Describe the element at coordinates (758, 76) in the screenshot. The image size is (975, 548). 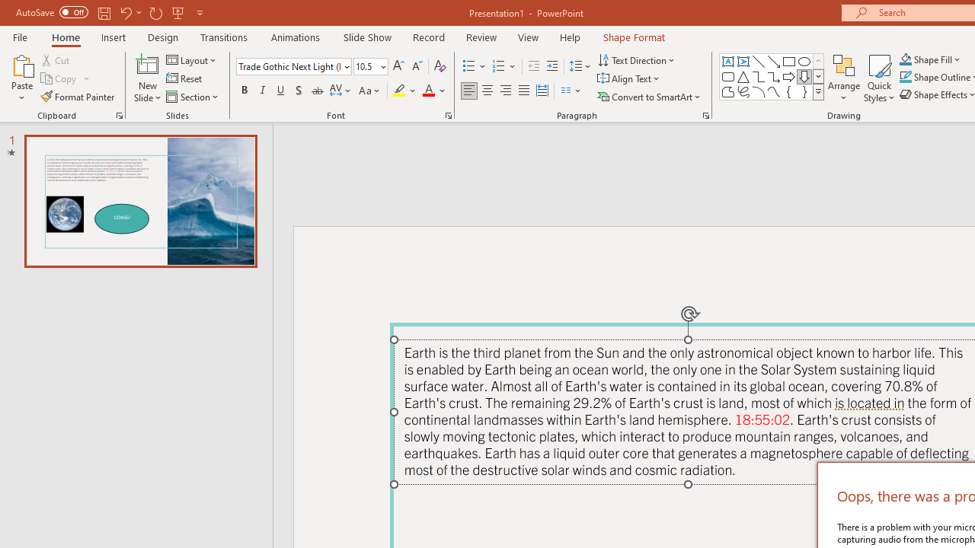
I see `'Connector: Elbow'` at that location.